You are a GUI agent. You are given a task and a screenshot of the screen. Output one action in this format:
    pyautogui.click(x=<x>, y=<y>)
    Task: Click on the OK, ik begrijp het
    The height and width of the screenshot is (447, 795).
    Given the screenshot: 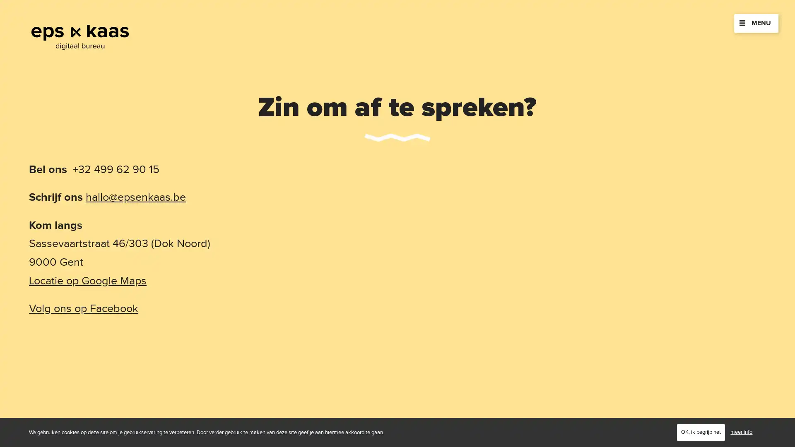 What is the action you would take?
    pyautogui.click(x=701, y=432)
    